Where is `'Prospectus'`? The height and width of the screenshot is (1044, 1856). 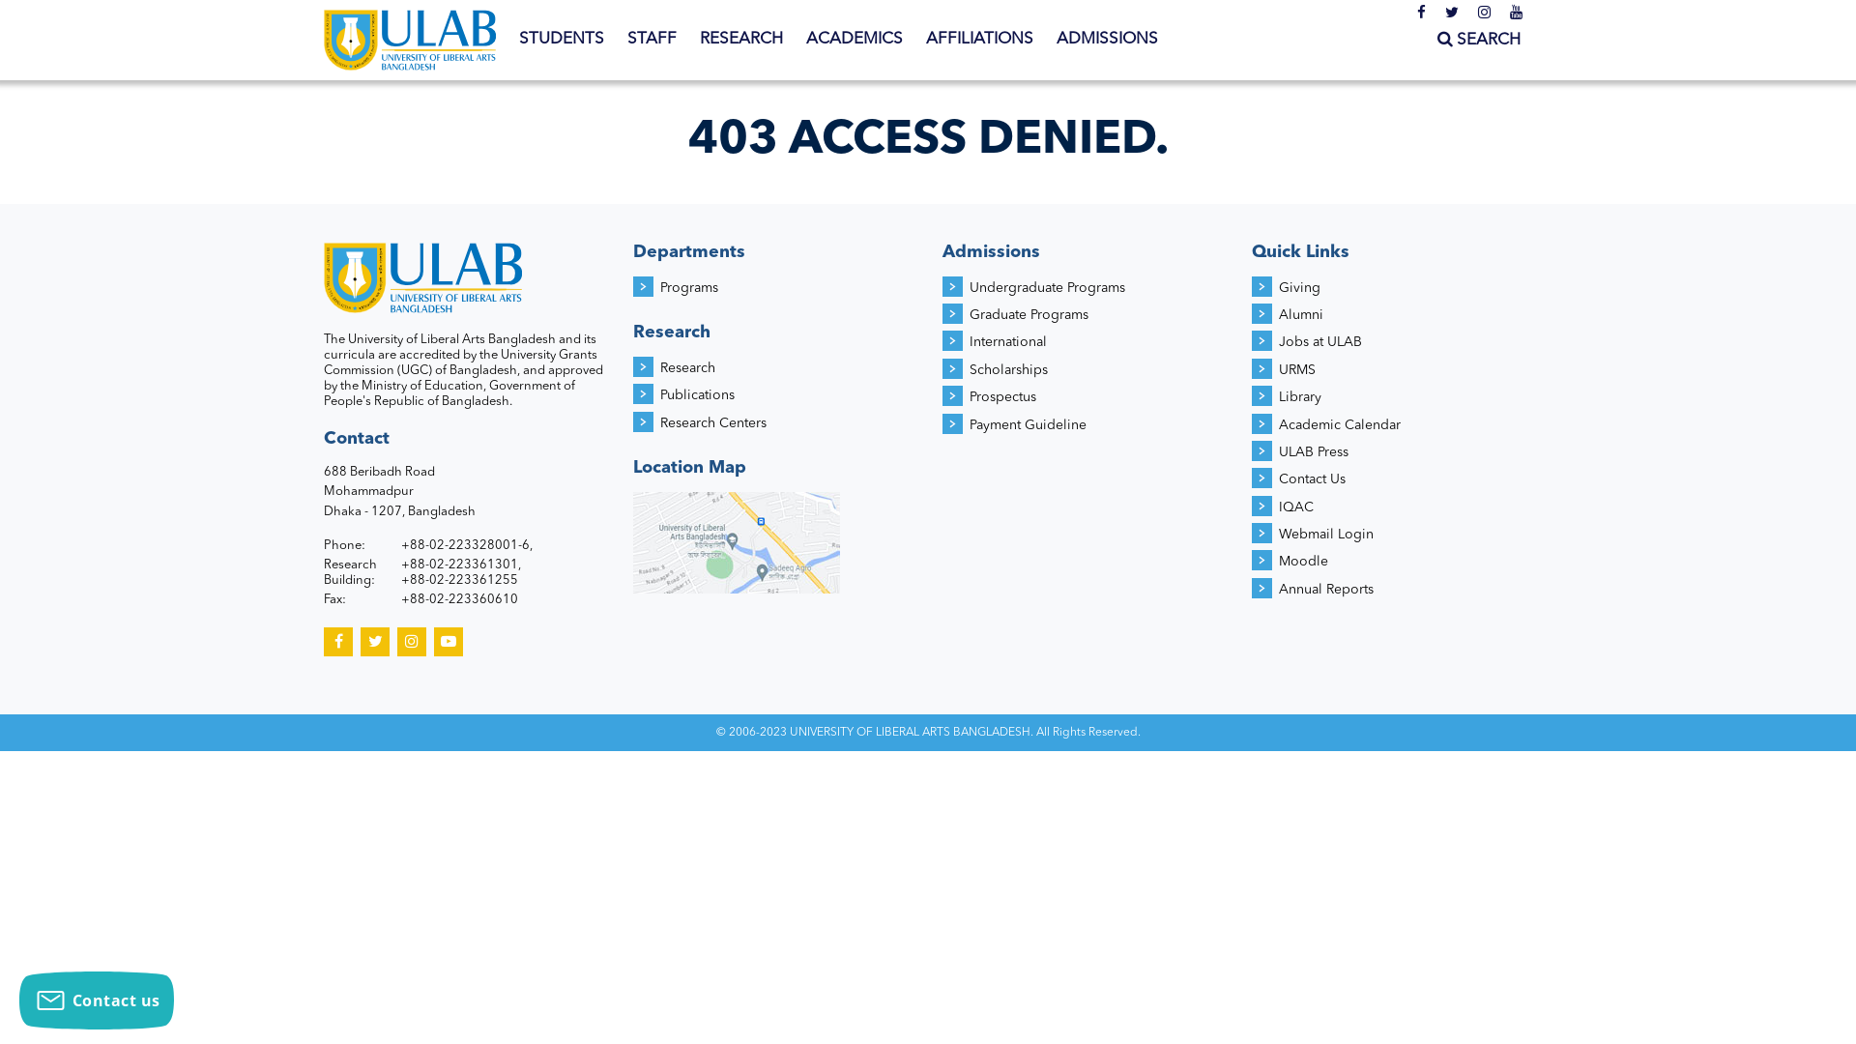 'Prospectus' is located at coordinates (1002, 396).